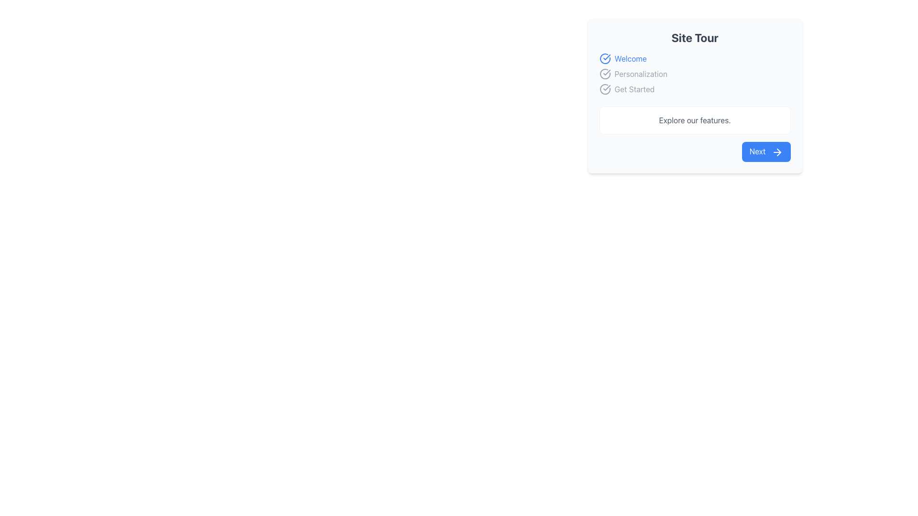 This screenshot has width=918, height=516. I want to click on the bold text heading 'Site Tour' located at the top of the card component, so click(695, 37).